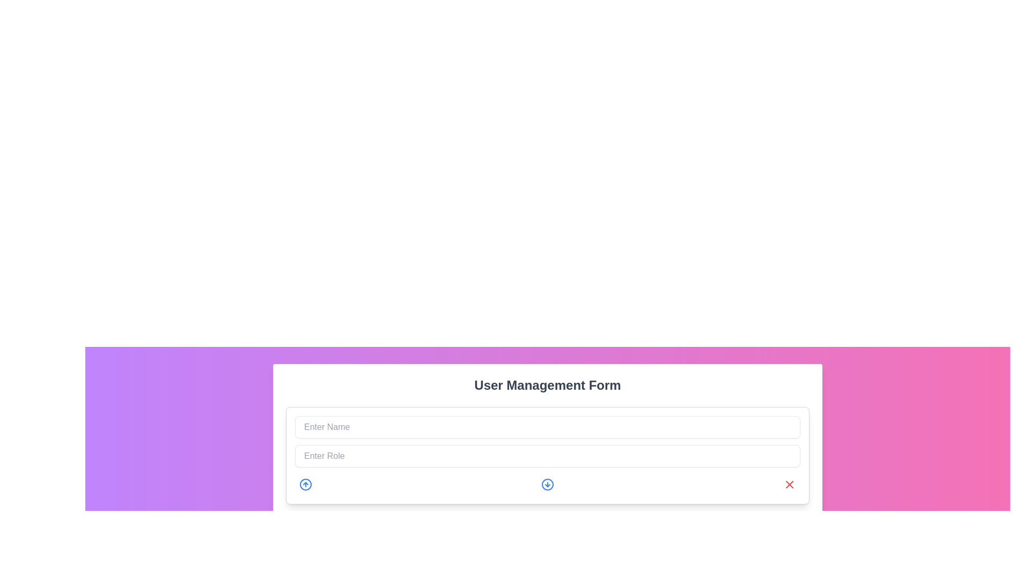  Describe the element at coordinates (548, 484) in the screenshot. I see `the second button from the left at the bottom of the form interface` at that location.